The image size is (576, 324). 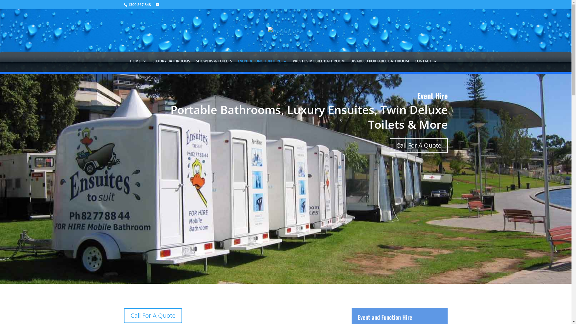 I want to click on 'LUXURY BATHROOMS', so click(x=171, y=65).